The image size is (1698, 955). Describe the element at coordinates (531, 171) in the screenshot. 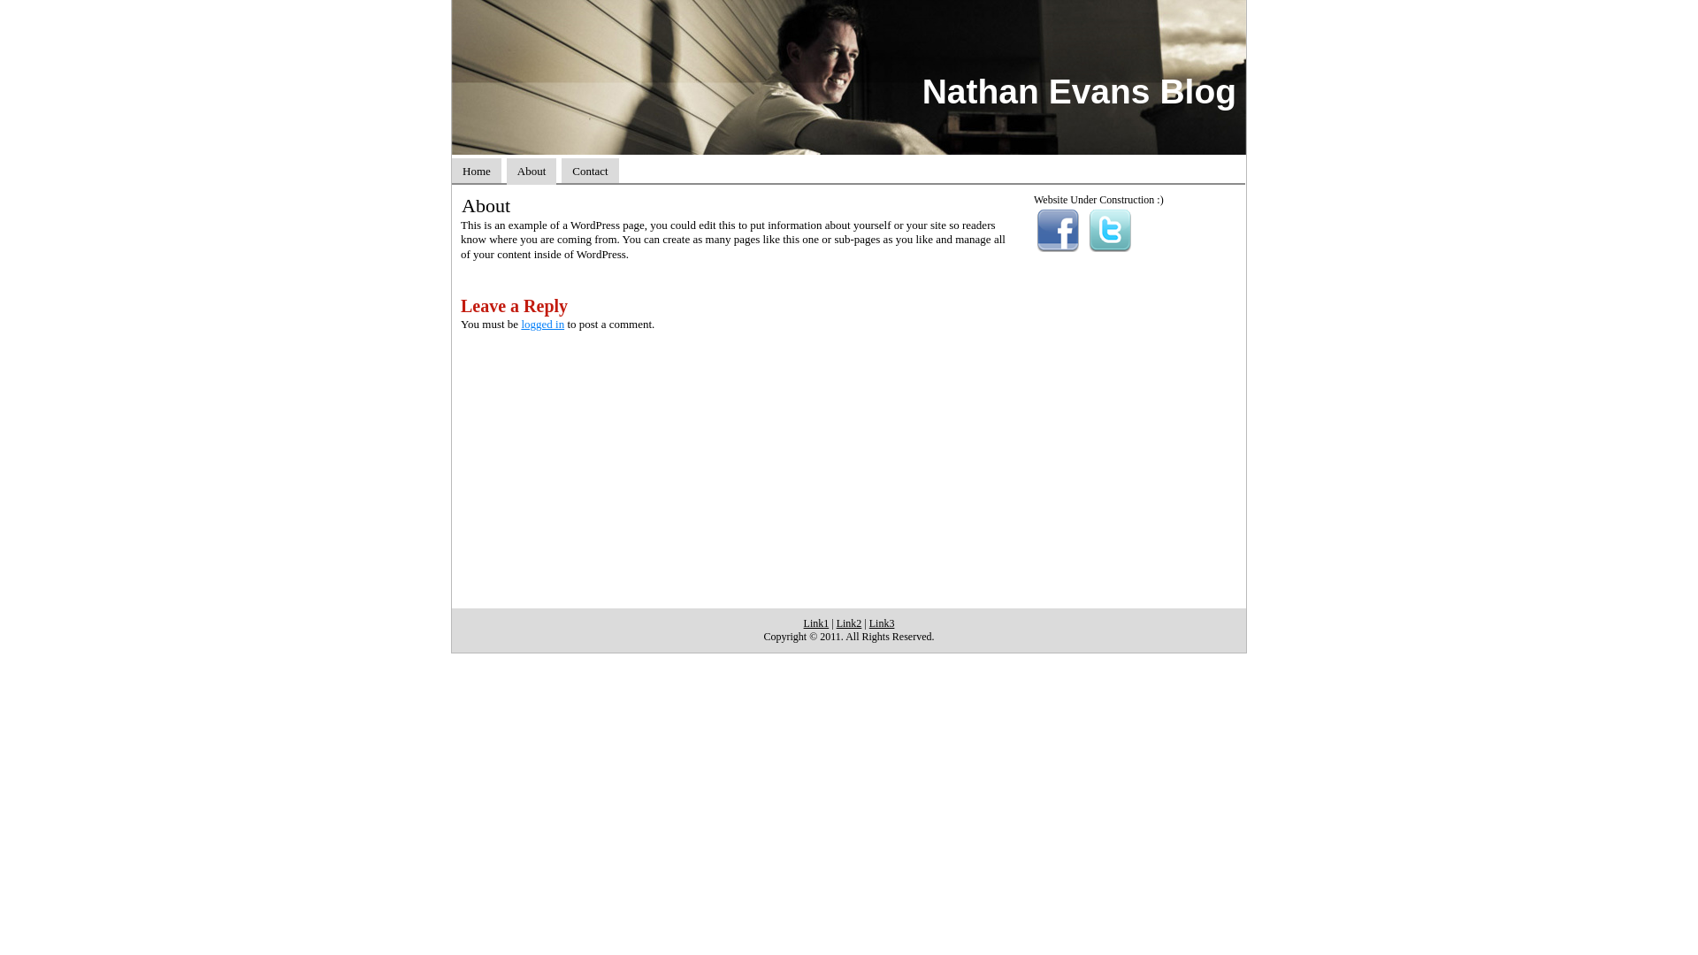

I see `'About'` at that location.